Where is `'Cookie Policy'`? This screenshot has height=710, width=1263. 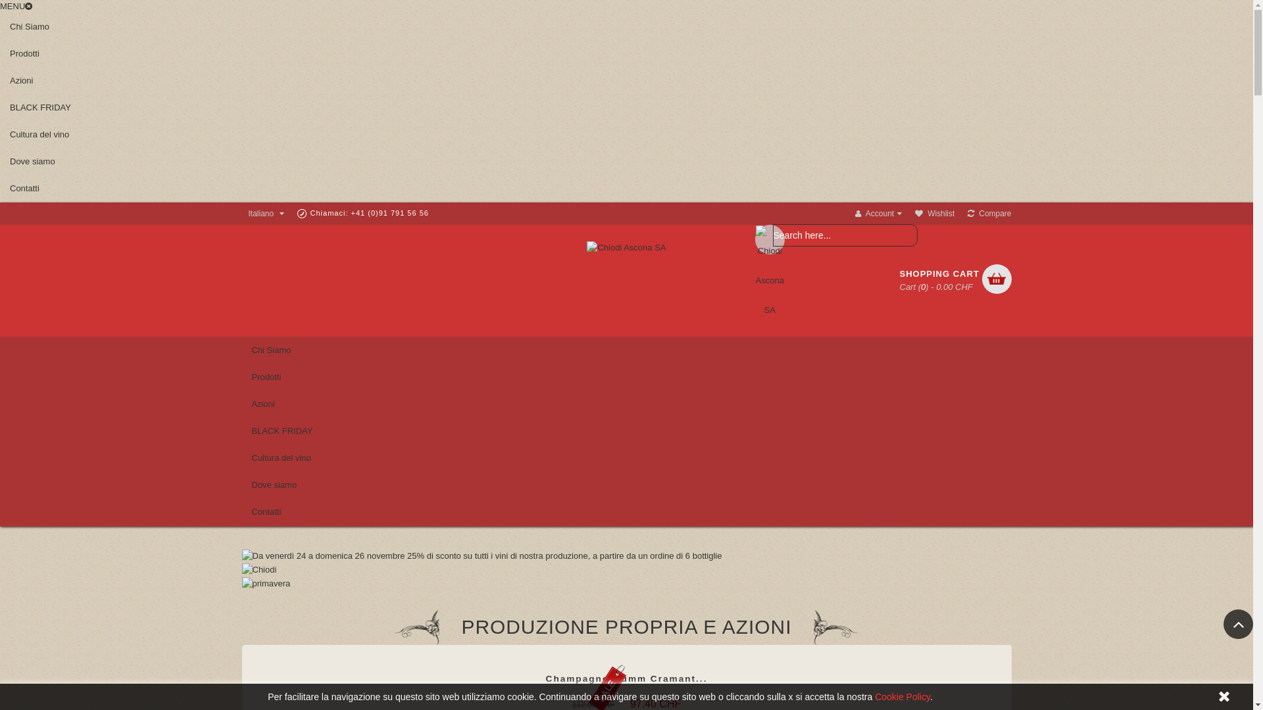
'Cookie Policy' is located at coordinates (902, 696).